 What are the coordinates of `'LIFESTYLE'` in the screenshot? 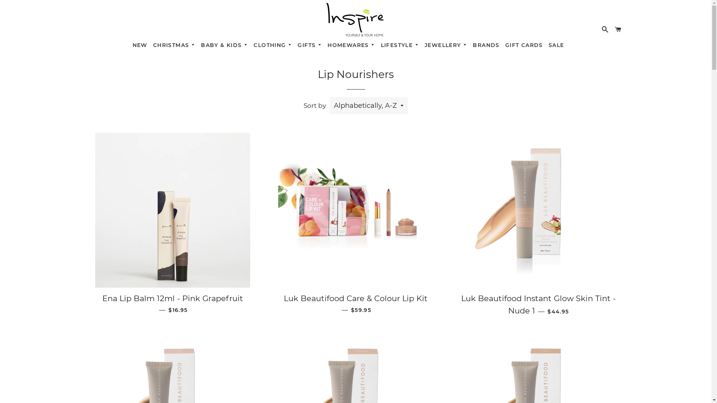 It's located at (378, 44).